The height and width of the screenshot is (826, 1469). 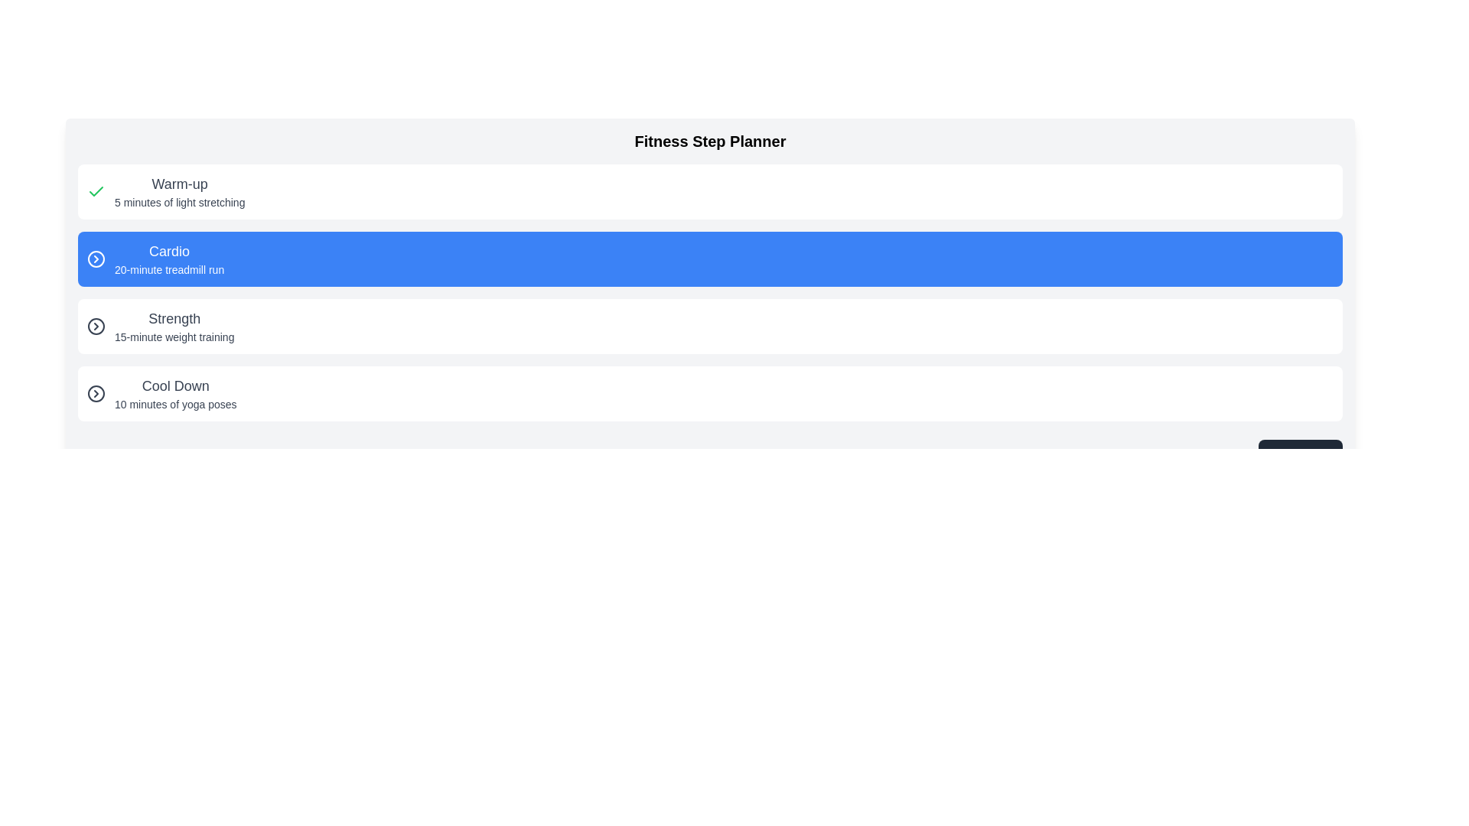 What do you see at coordinates (95, 326) in the screenshot?
I see `the circular icon with an arrow inside that indicates the training step 'Strength', which is located to the left of the text 'Strength' and '15-minute weight training'. This icon is the third item in a vertical list of training steps` at bounding box center [95, 326].